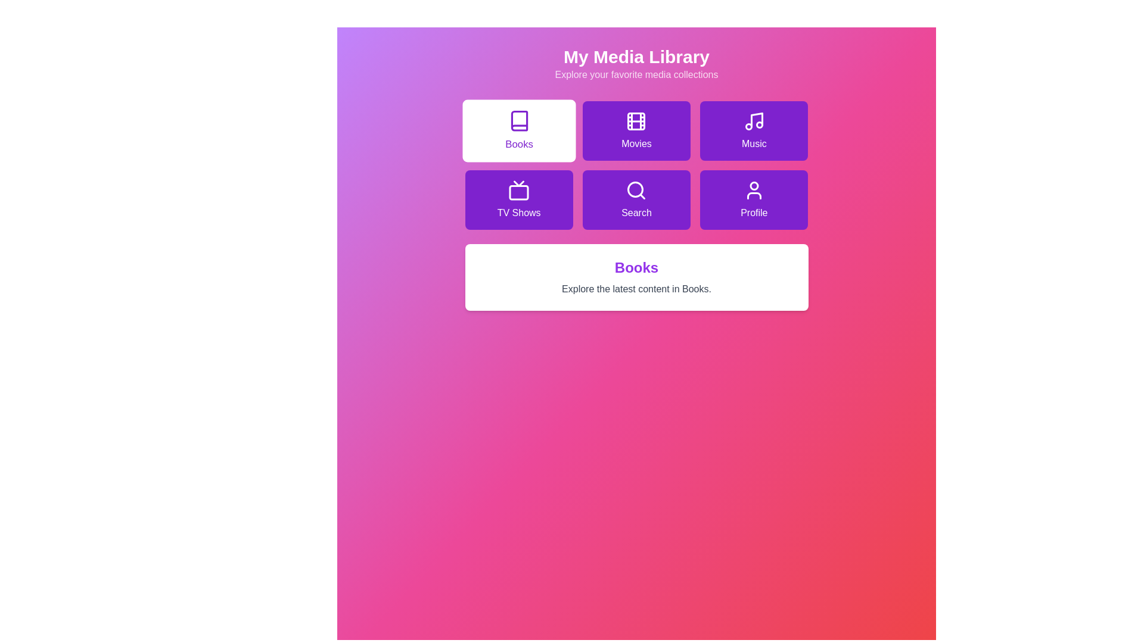 The image size is (1144, 643). I want to click on the static text label providing guidance for the media library, located immediately below the header 'My Media Library', so click(636, 75).